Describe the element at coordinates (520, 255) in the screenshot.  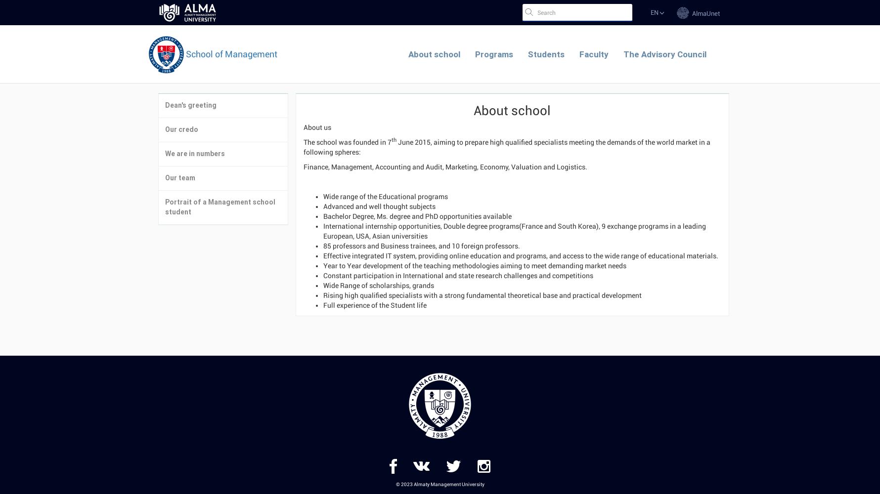
I see `'Effective integrated IT system, providing online education and programs, and access to the wide range of educational materials.'` at that location.